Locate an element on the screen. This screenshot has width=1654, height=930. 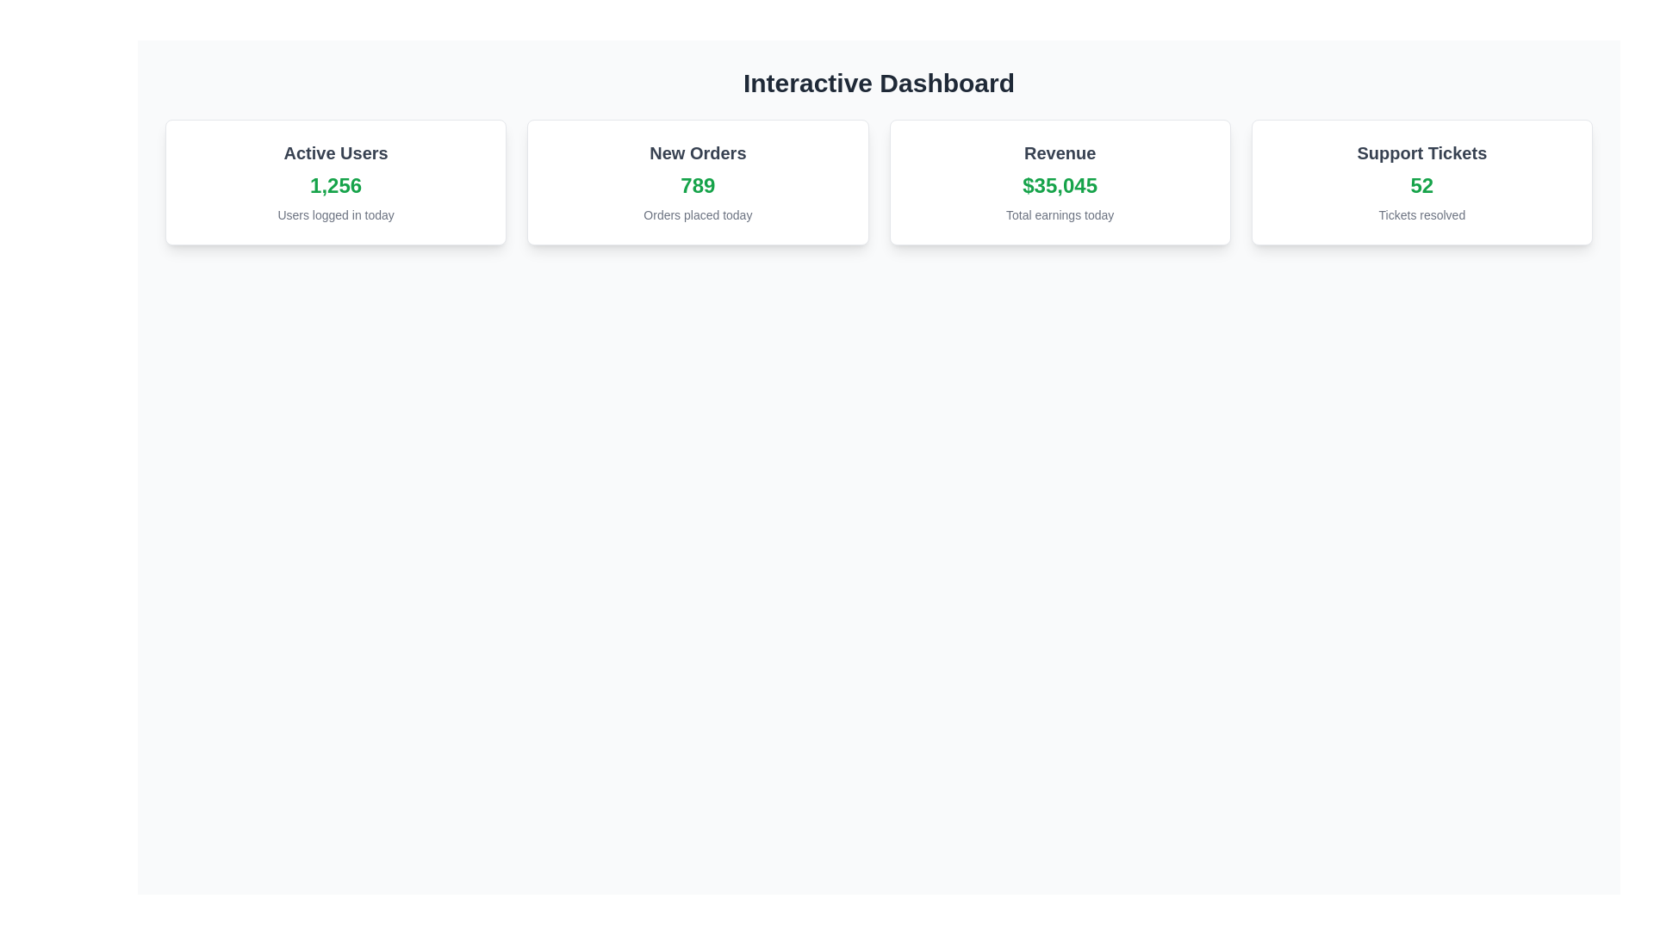
the text label displaying 'Total earnings today' located below the '$35,045' value within the 'Revenue' card is located at coordinates (1059, 214).